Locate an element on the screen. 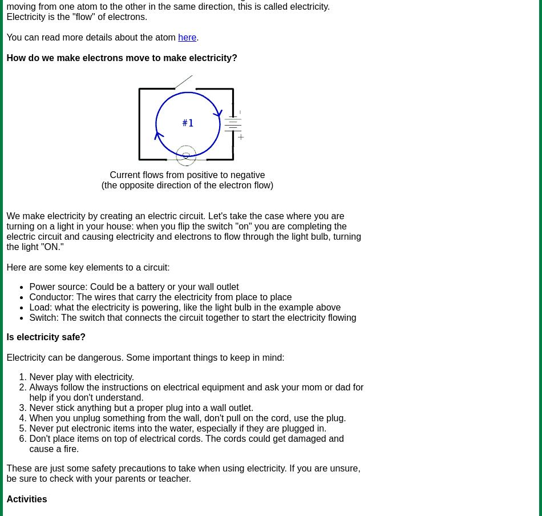  'Always follow the instructions on electrical equipment and ask your mom or dad for help if you don't understand.' is located at coordinates (29, 392).